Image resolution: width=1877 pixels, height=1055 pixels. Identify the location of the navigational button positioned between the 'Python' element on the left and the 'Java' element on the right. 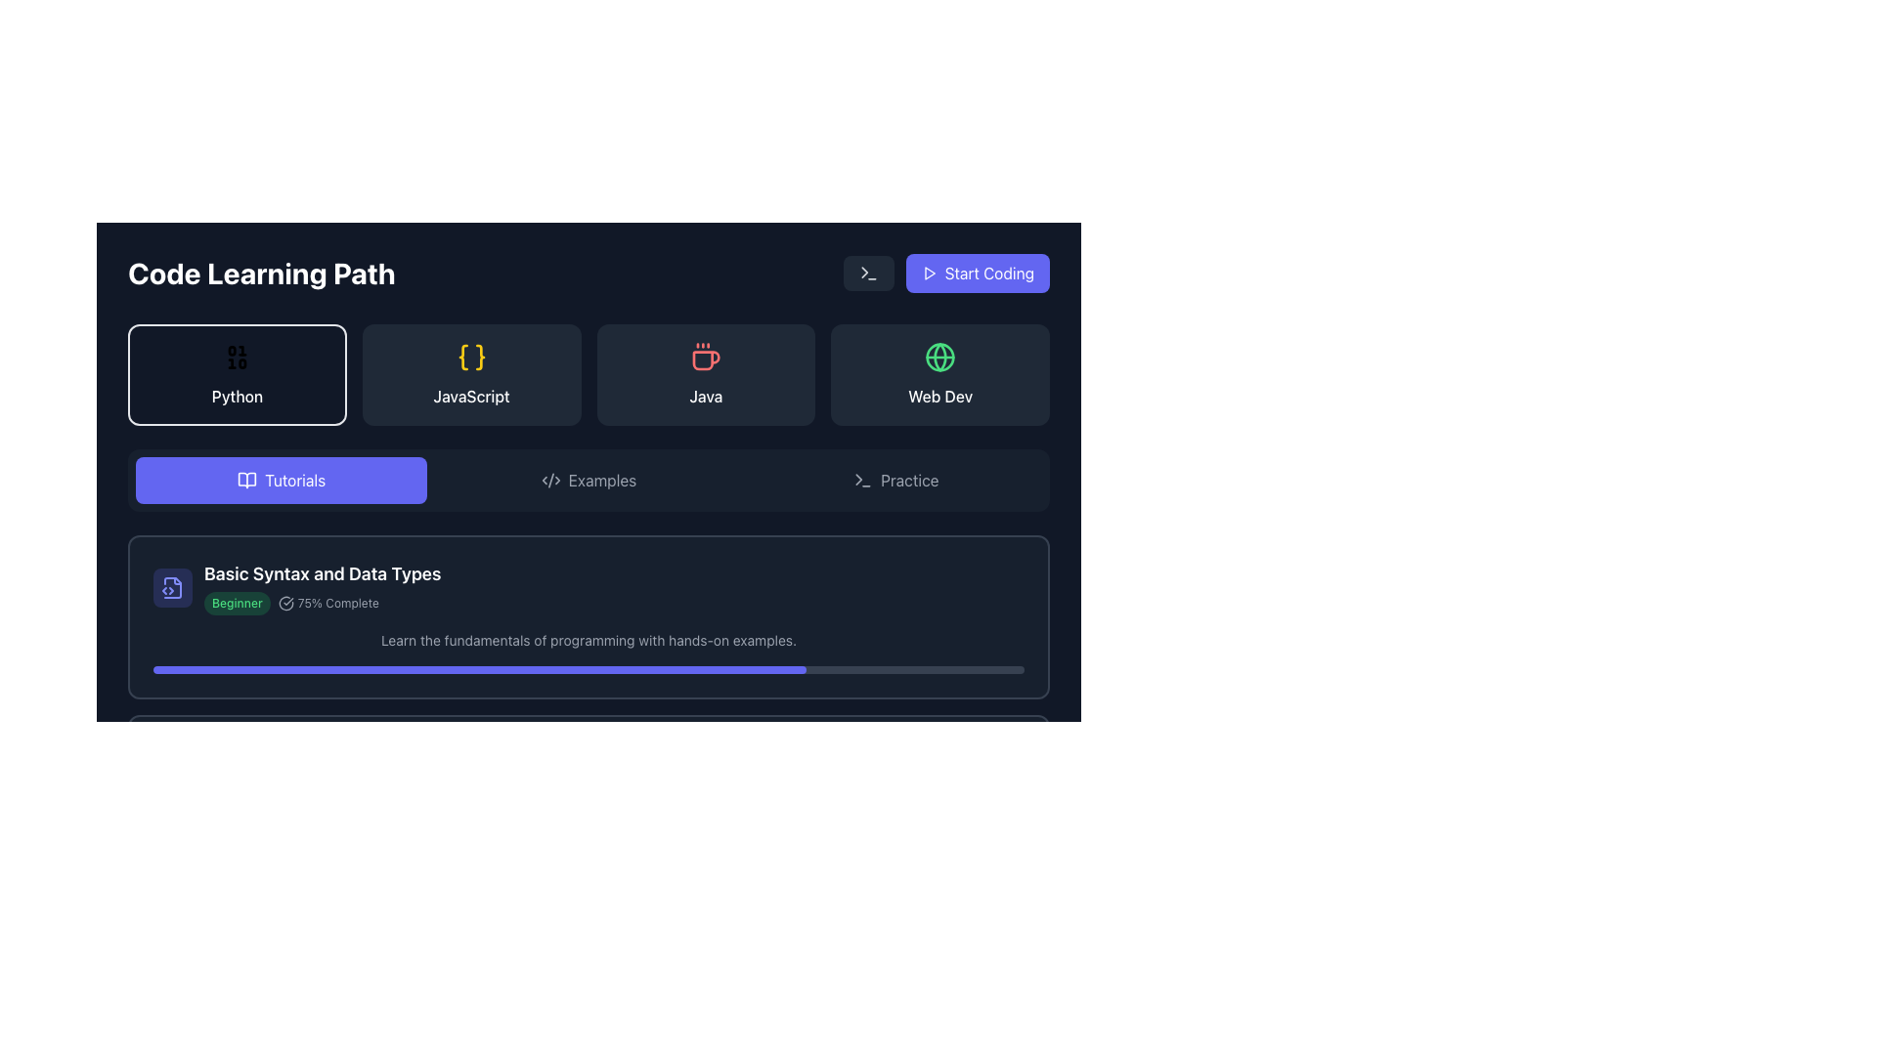
(471, 375).